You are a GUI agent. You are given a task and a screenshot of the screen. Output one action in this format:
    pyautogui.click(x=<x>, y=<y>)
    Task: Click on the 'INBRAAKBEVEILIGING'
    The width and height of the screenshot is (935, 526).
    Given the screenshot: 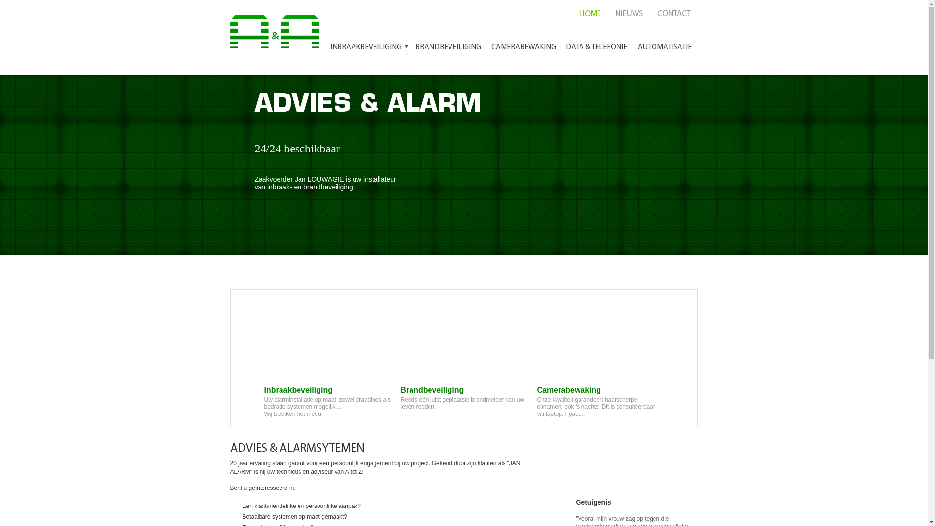 What is the action you would take?
    pyautogui.click(x=368, y=49)
    